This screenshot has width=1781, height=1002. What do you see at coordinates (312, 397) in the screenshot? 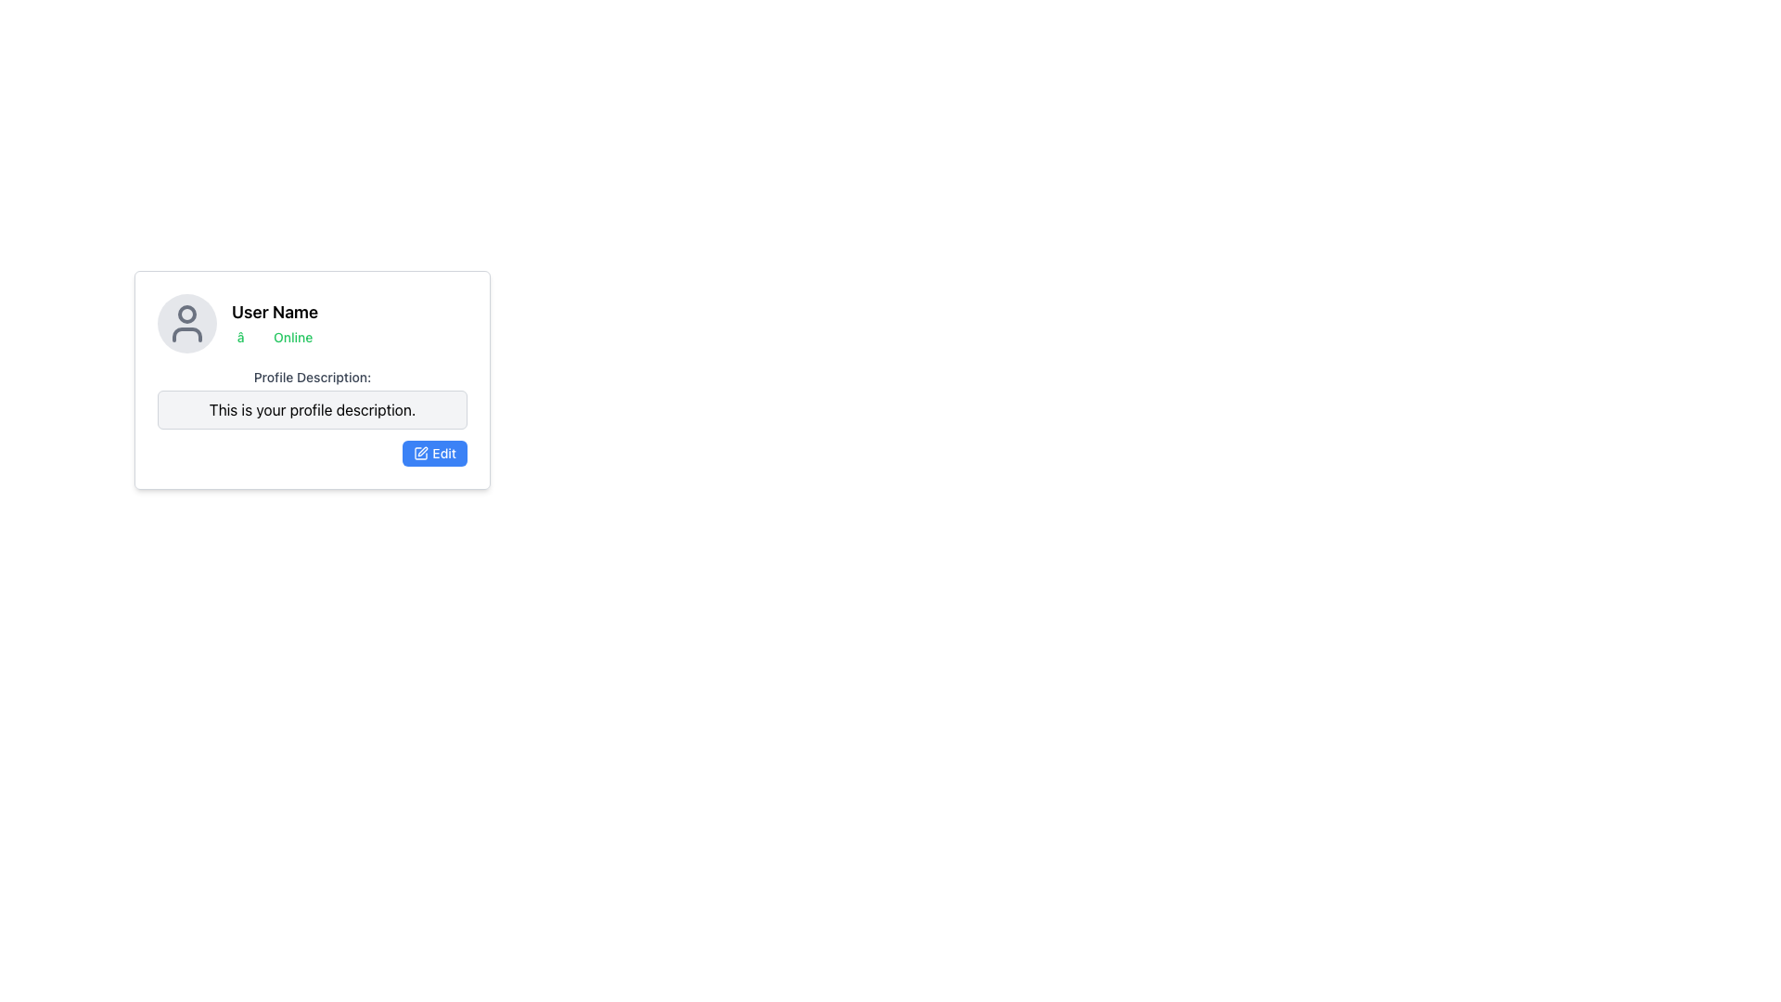
I see `the profile description element, which includes the title 'Profile Description:' and the bordered text display box containing 'This is your profile description.' It is located below the 'User Name' and 'Online' labels, and above the 'Edit' button` at bounding box center [312, 397].